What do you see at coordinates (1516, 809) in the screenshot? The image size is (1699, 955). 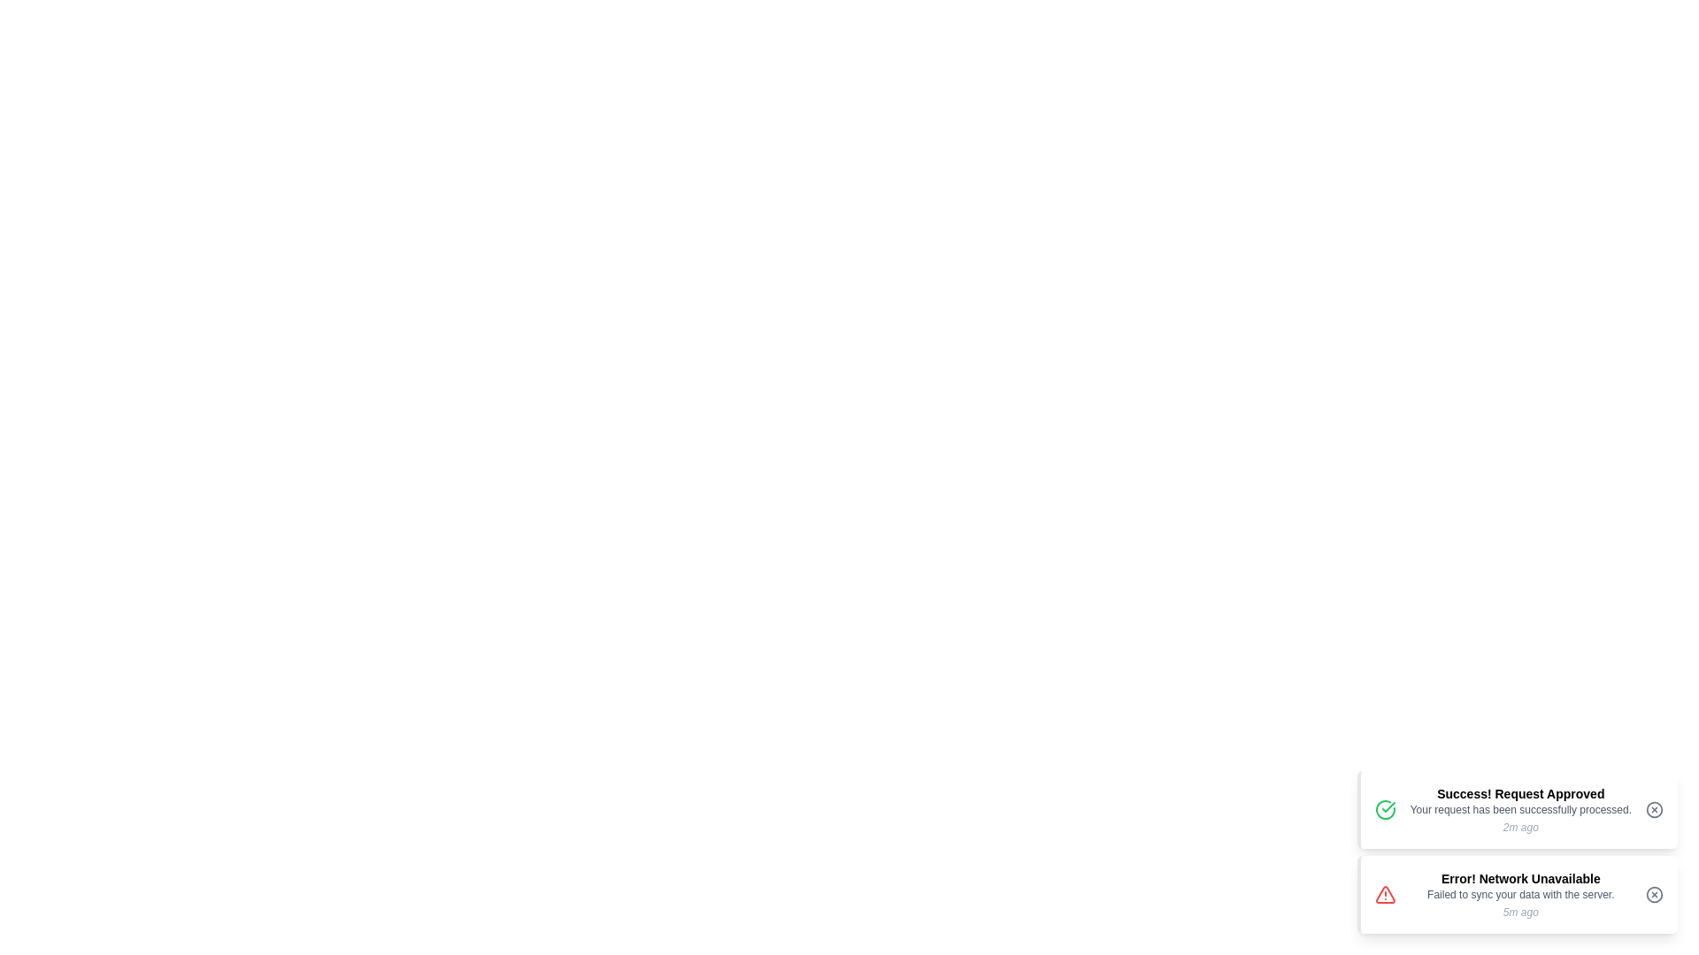 I see `the snackbar to view details` at bounding box center [1516, 809].